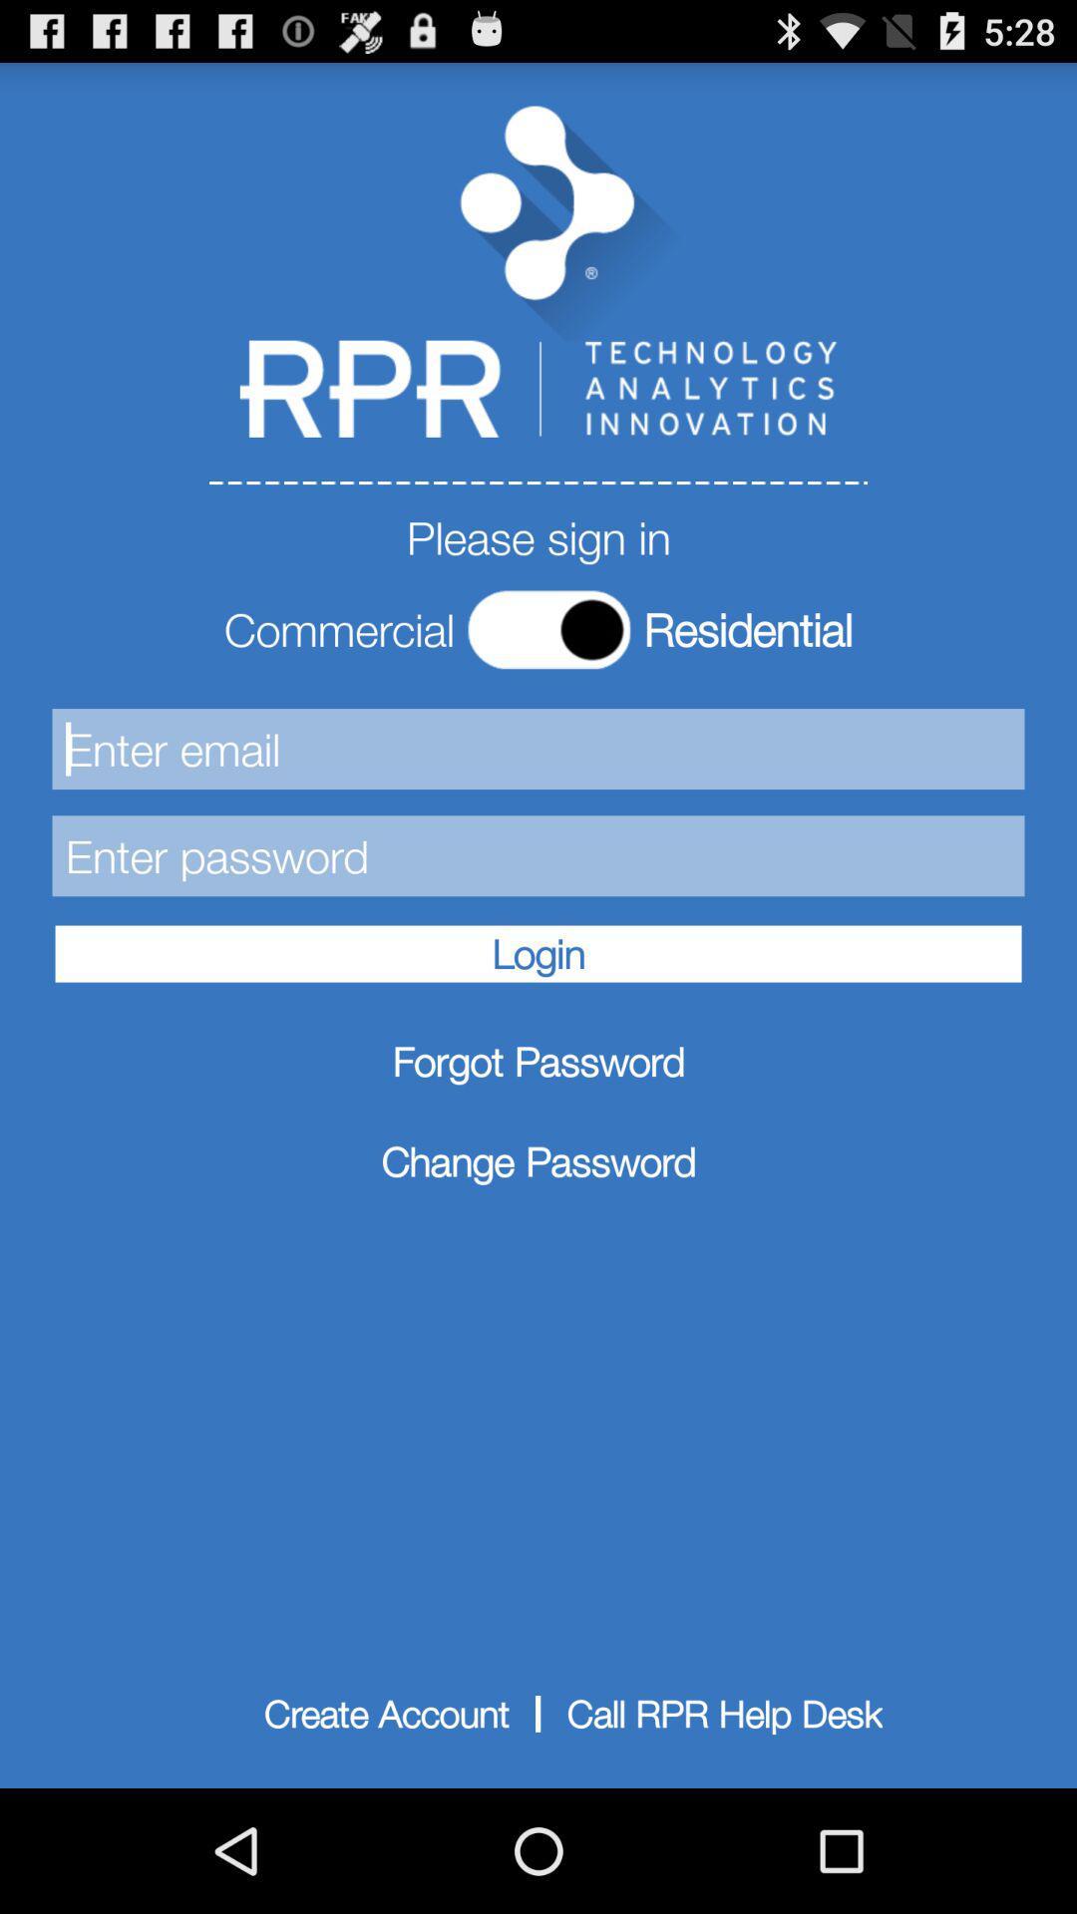 This screenshot has width=1077, height=1914. What do you see at coordinates (538, 748) in the screenshot?
I see `the first text box` at bounding box center [538, 748].